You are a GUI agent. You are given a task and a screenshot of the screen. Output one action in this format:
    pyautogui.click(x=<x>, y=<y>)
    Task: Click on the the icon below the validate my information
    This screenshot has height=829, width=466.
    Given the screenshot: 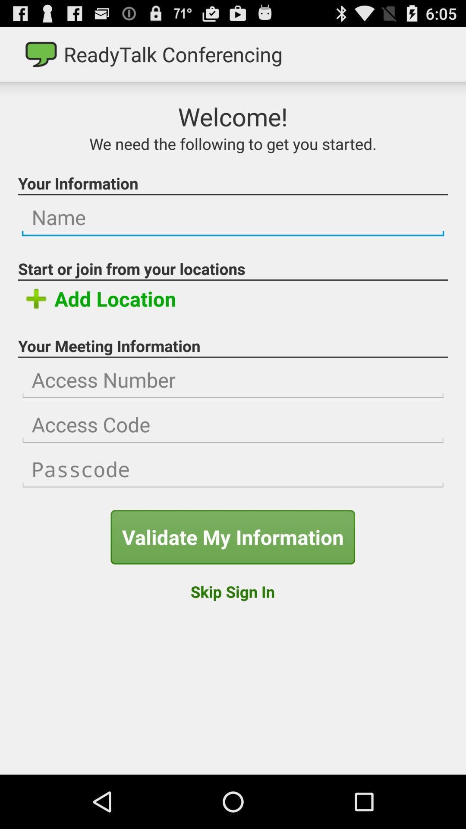 What is the action you would take?
    pyautogui.click(x=232, y=591)
    